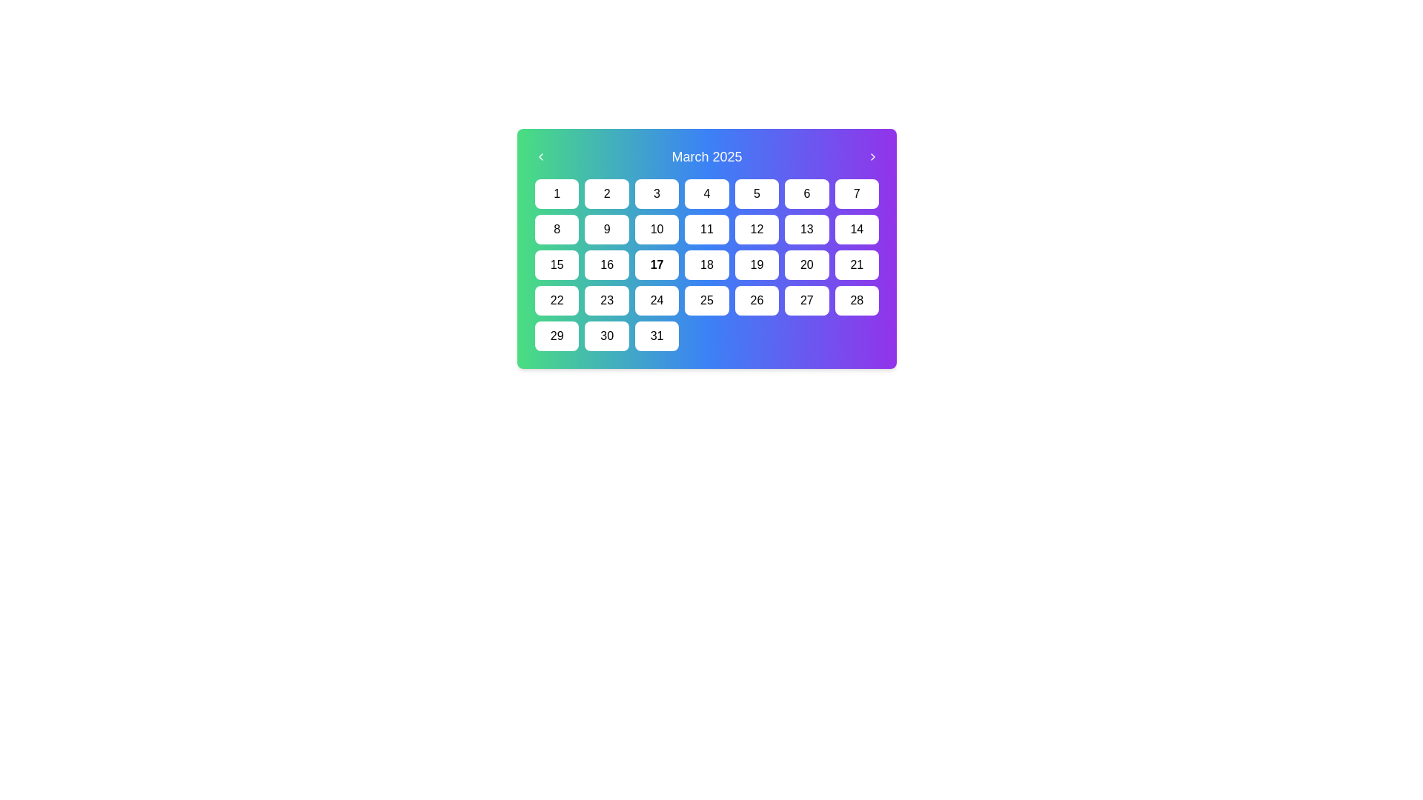 This screenshot has width=1423, height=800. I want to click on the Calendar Date Box representing the date '30', so click(607, 336).